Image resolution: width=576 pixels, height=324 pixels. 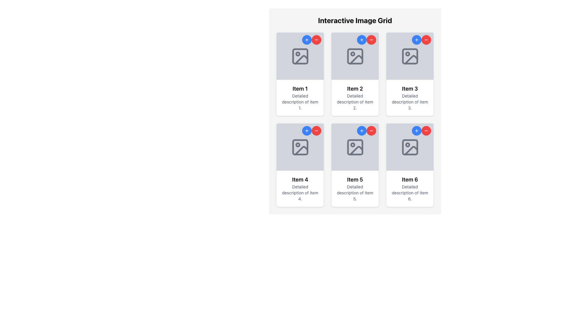 What do you see at coordinates (416, 130) in the screenshot?
I see `the small blue circular button with a white plus symbol located in the top-left corner of the sixth item tile` at bounding box center [416, 130].